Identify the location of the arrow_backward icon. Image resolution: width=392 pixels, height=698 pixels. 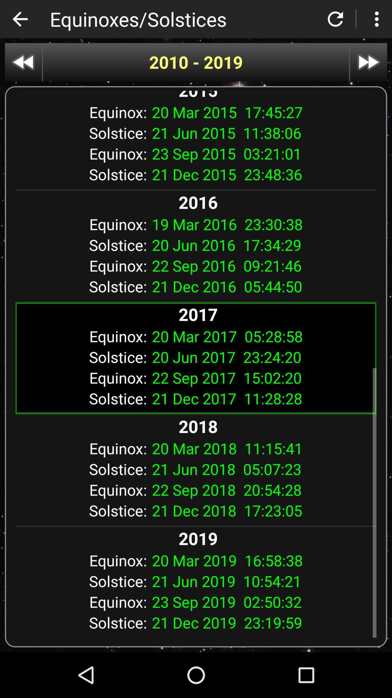
(20, 19).